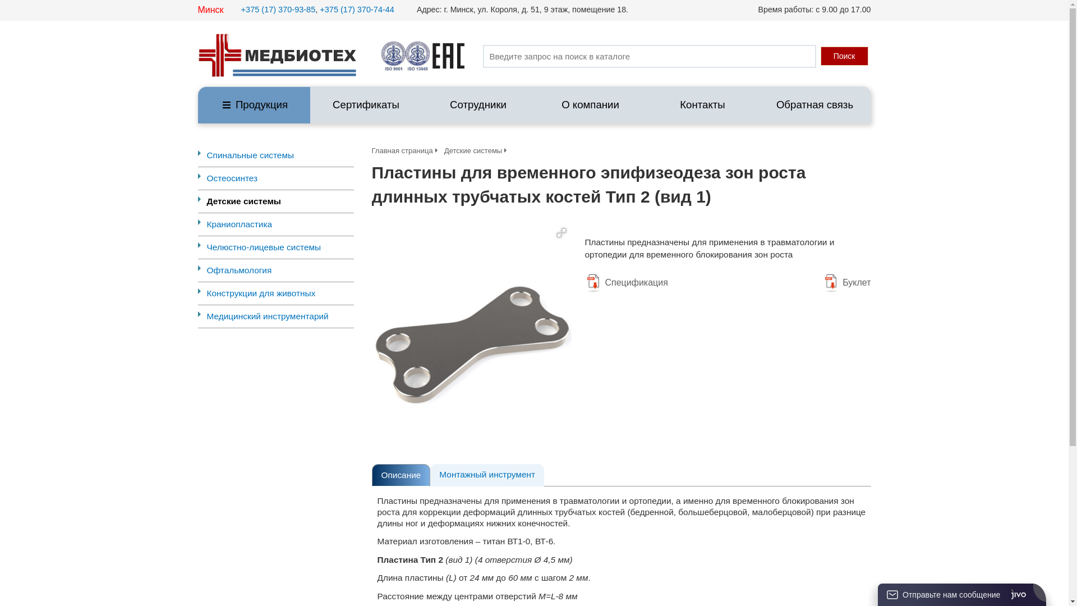 This screenshot has height=606, width=1077. What do you see at coordinates (417, 56) in the screenshot?
I see `'Iso 13845'` at bounding box center [417, 56].